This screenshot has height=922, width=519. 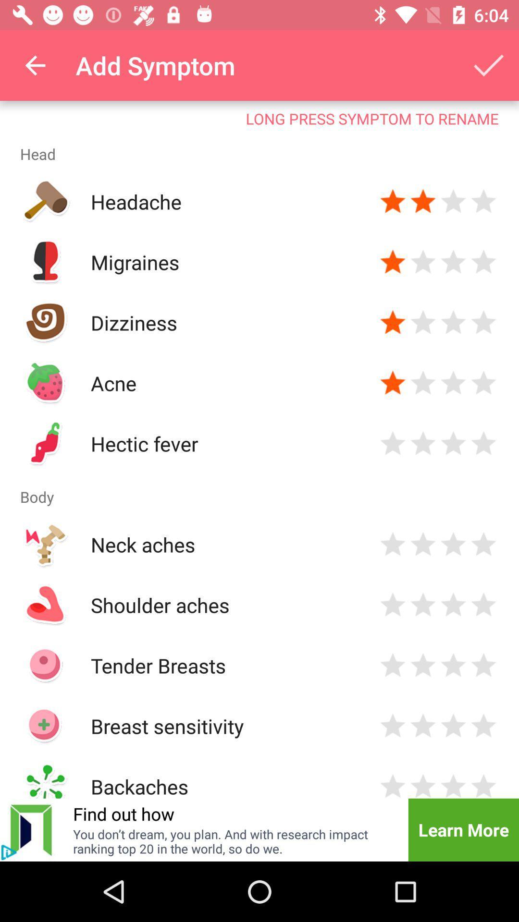 I want to click on rating, so click(x=393, y=544).